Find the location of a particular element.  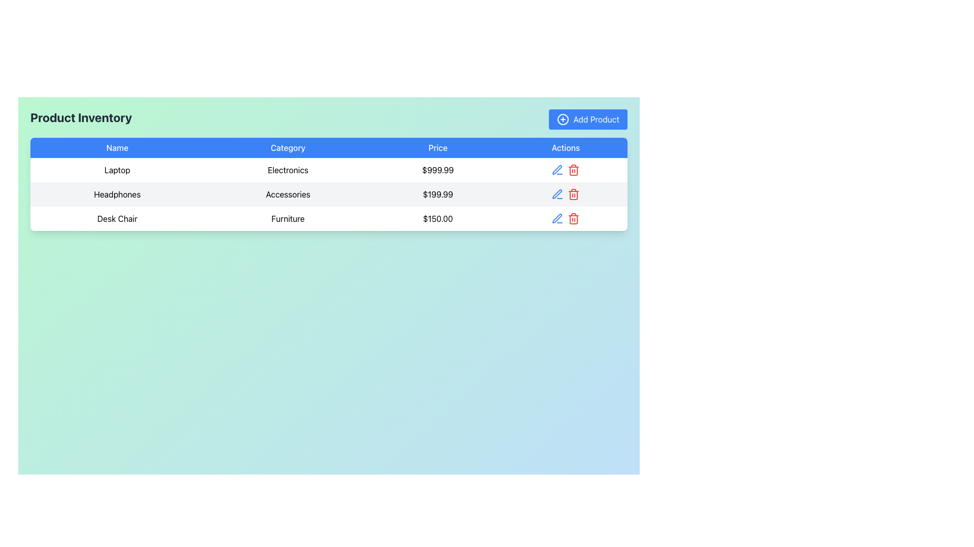

the third column header in the table that displays prices, located between 'Category' and 'Actions' is located at coordinates (438, 148).